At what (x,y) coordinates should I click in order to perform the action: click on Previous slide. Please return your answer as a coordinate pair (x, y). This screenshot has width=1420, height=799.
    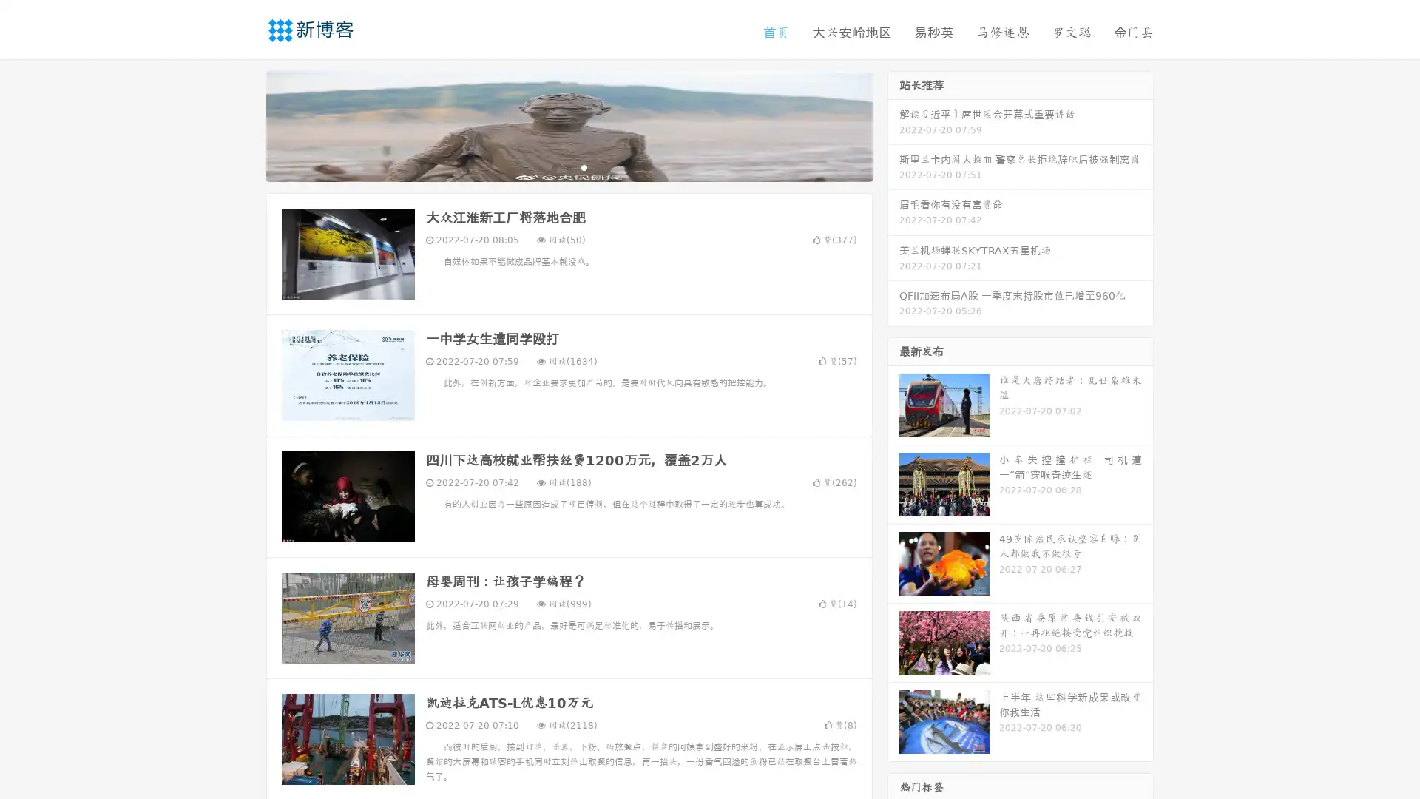
    Looking at the image, I should click on (244, 124).